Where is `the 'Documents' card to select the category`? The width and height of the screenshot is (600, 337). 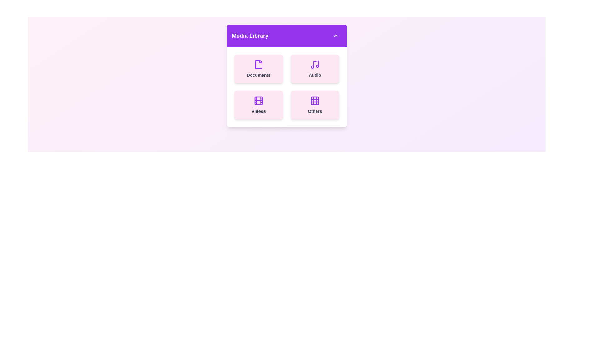
the 'Documents' card to select the category is located at coordinates (259, 69).